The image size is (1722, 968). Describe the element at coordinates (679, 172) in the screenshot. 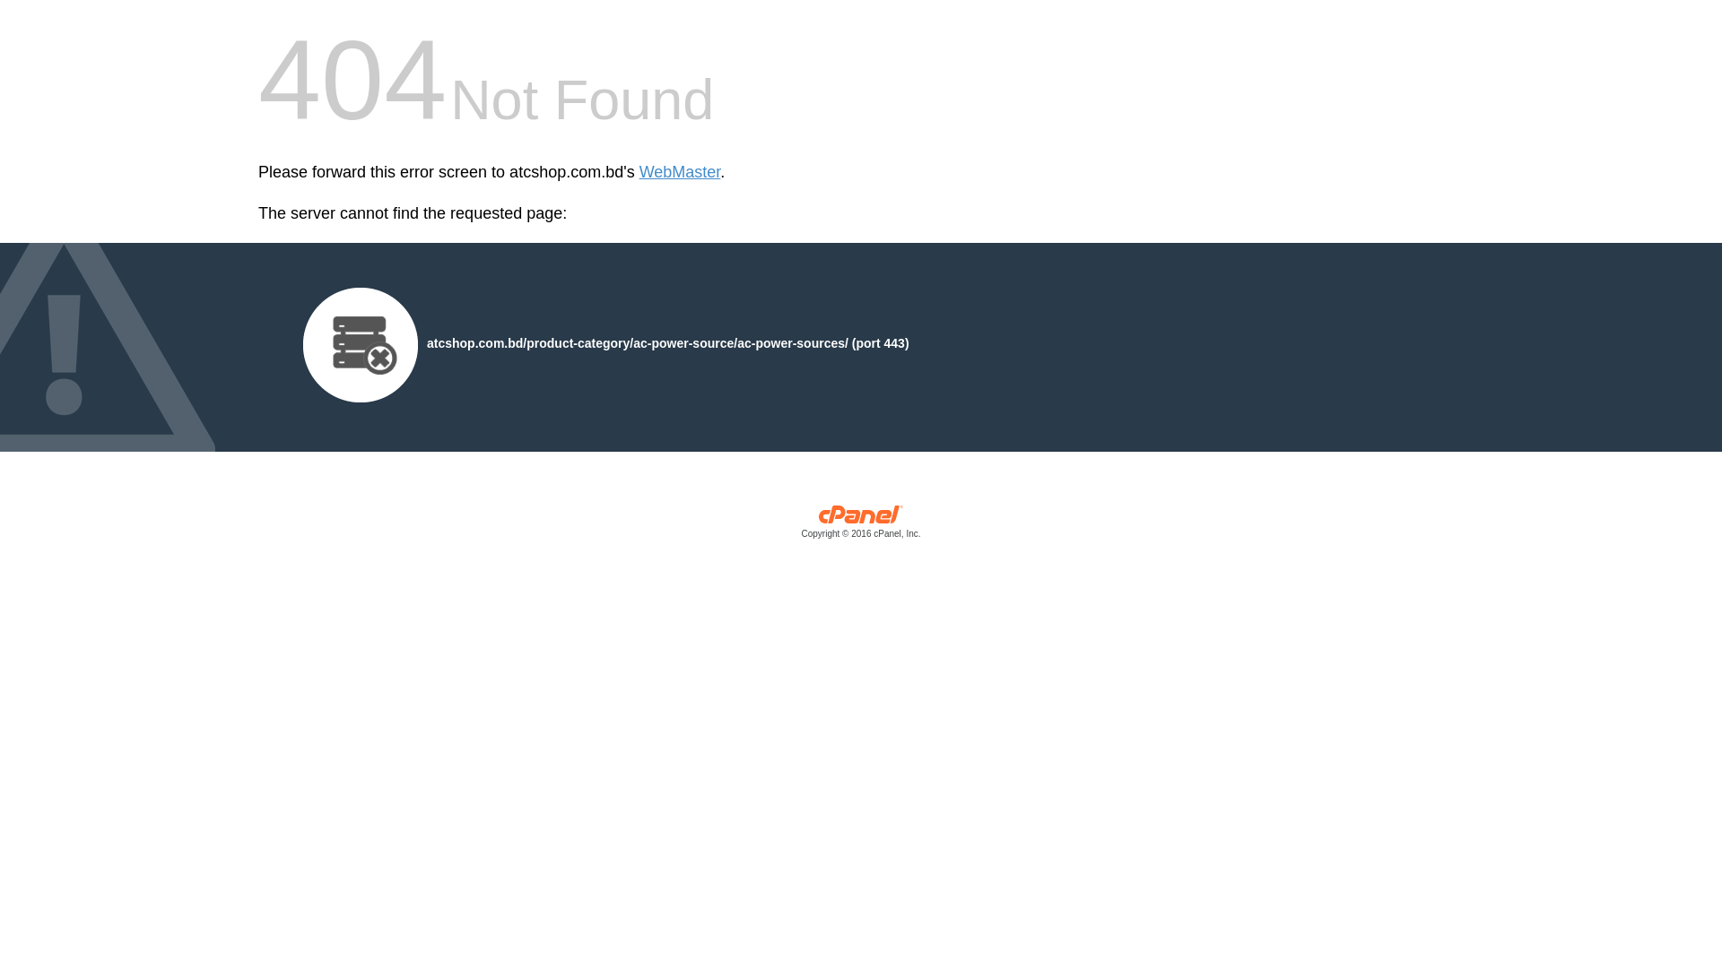

I see `'WebMaster'` at that location.